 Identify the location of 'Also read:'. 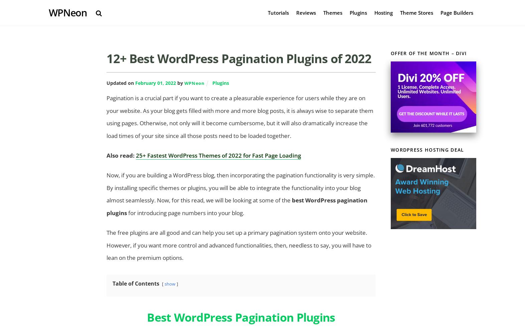
(120, 155).